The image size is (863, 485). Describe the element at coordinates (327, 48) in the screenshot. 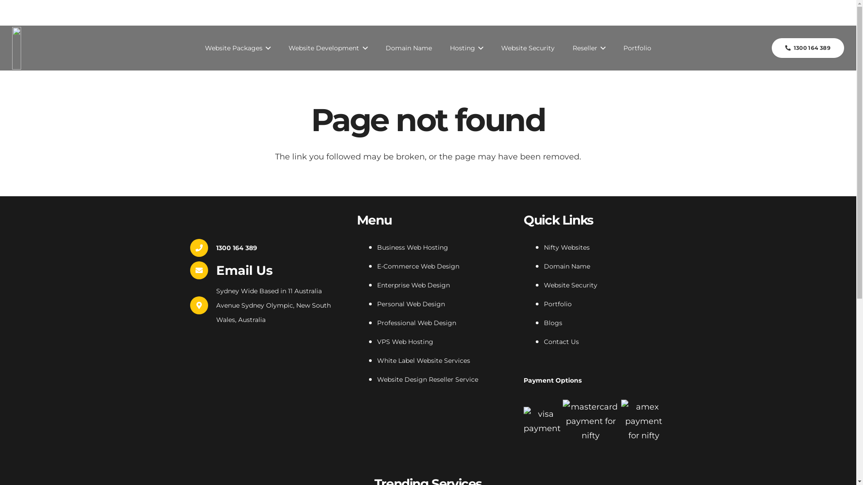

I see `'Website Development'` at that location.